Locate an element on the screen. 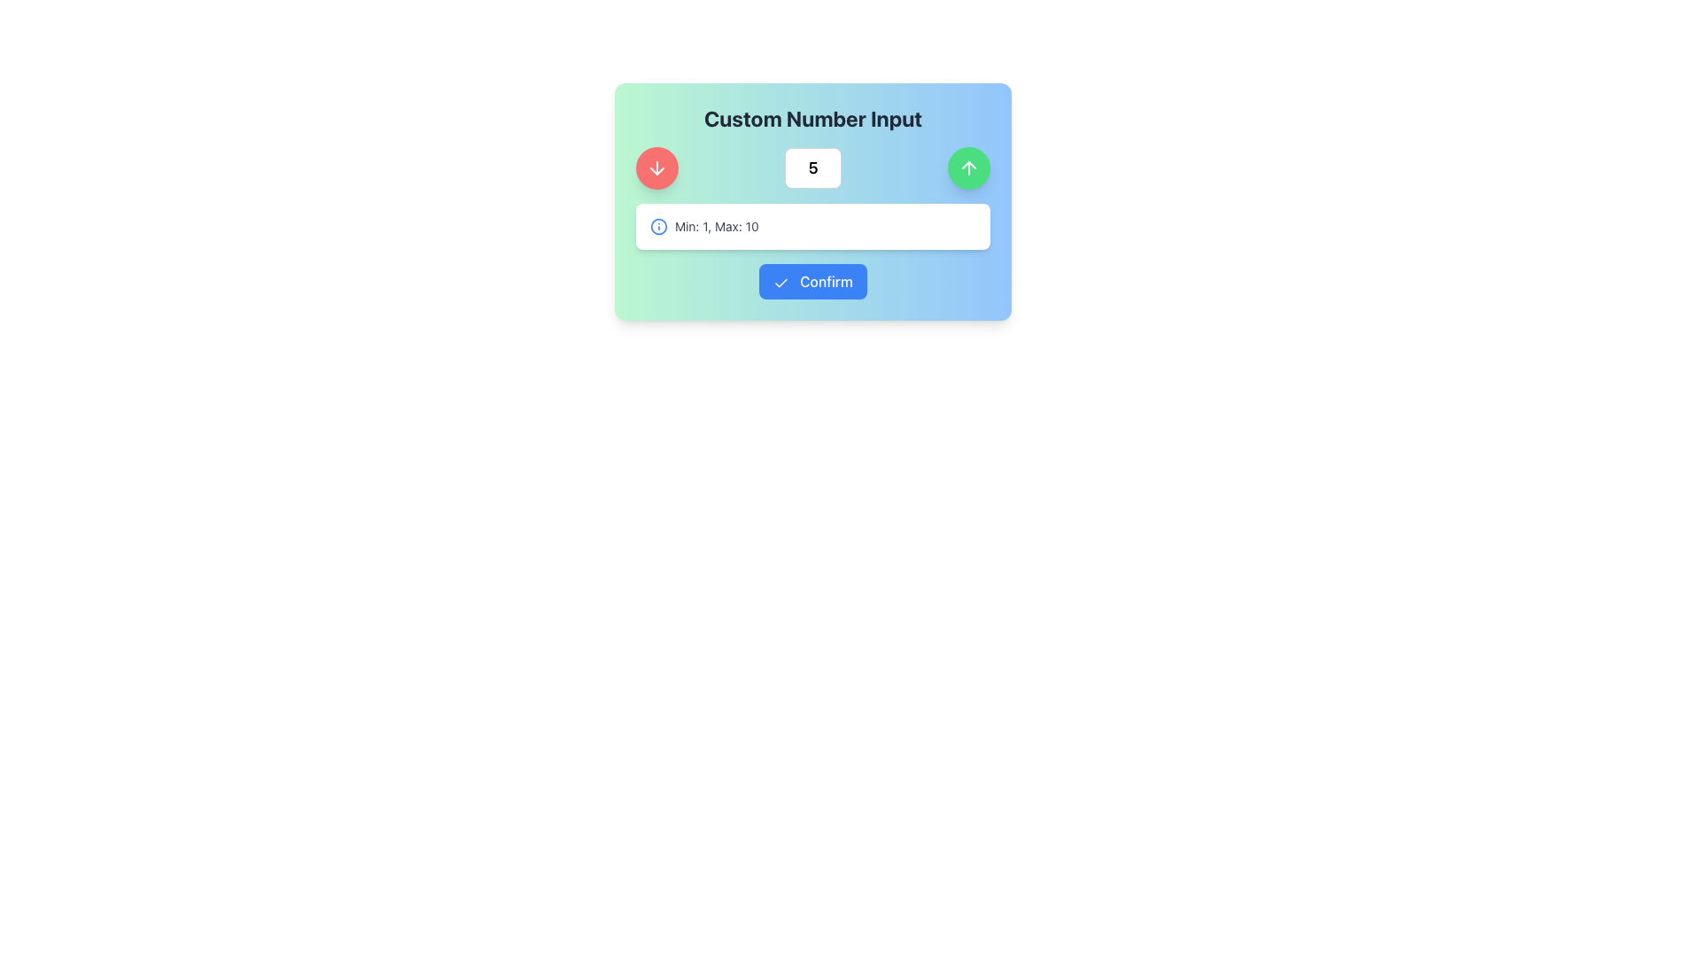 The width and height of the screenshot is (1701, 957). the increment control button located at the far right of the horizontal arrangement, which is the third button next to a text input box displaying '5' is located at coordinates (968, 167).